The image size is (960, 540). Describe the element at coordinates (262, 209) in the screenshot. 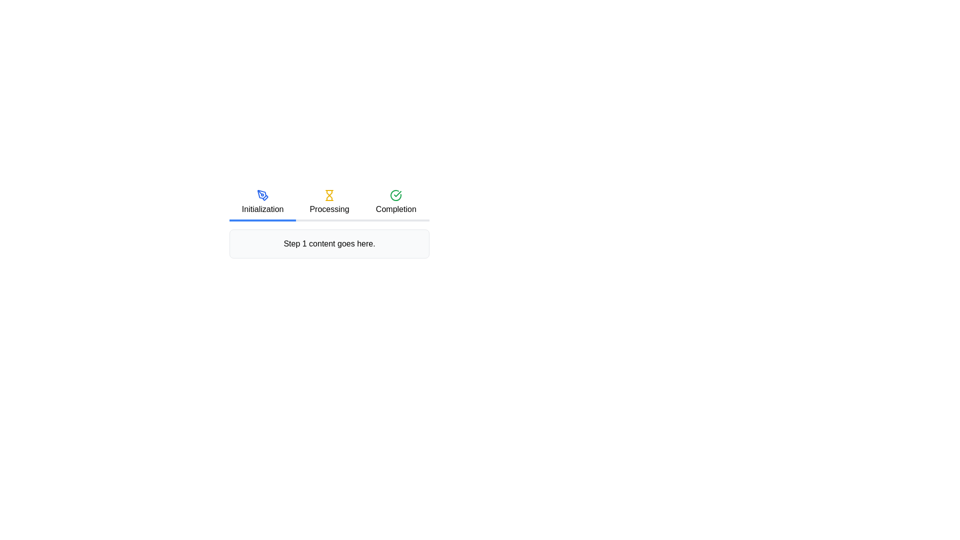

I see `the 'Initialization' text label in the progress bar, which indicates the current step of the process` at that location.